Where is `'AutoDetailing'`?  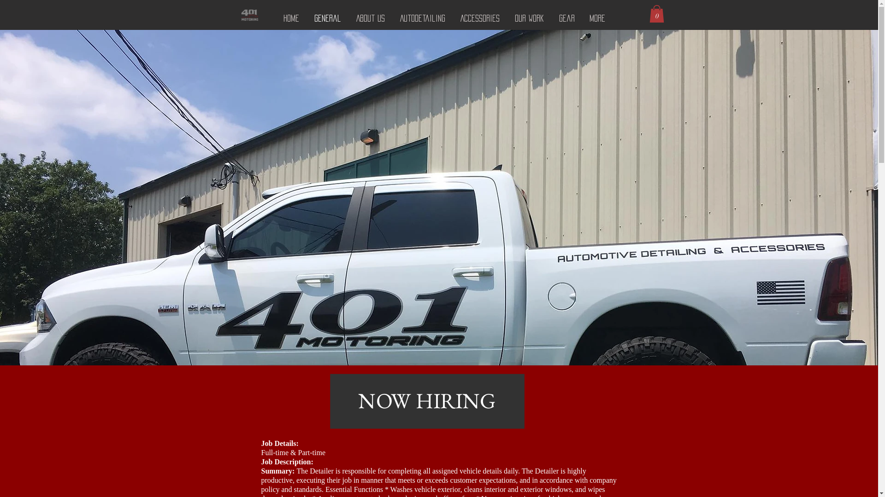
'AutoDetailing' is located at coordinates (422, 18).